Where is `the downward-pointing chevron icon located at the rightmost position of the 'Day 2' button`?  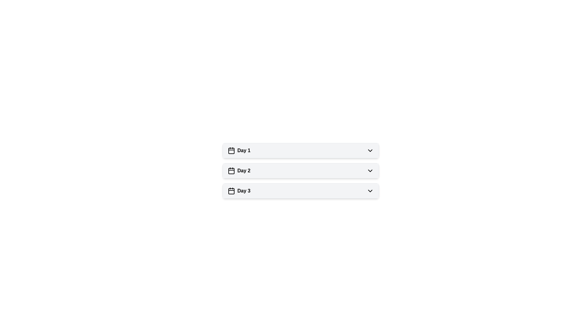
the downward-pointing chevron icon located at the rightmost position of the 'Day 2' button is located at coordinates (370, 171).